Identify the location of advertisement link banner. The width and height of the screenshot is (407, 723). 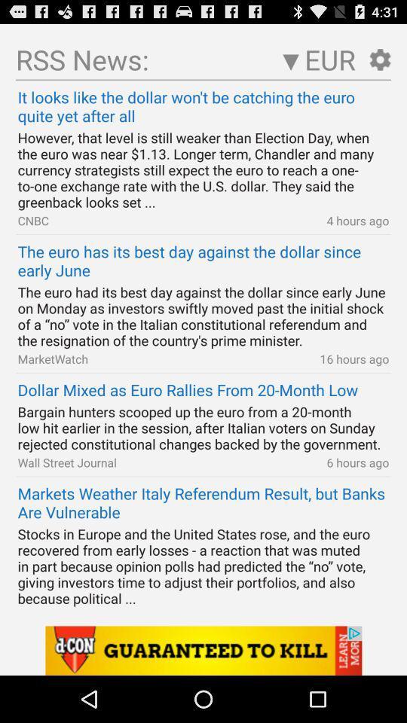
(203, 650).